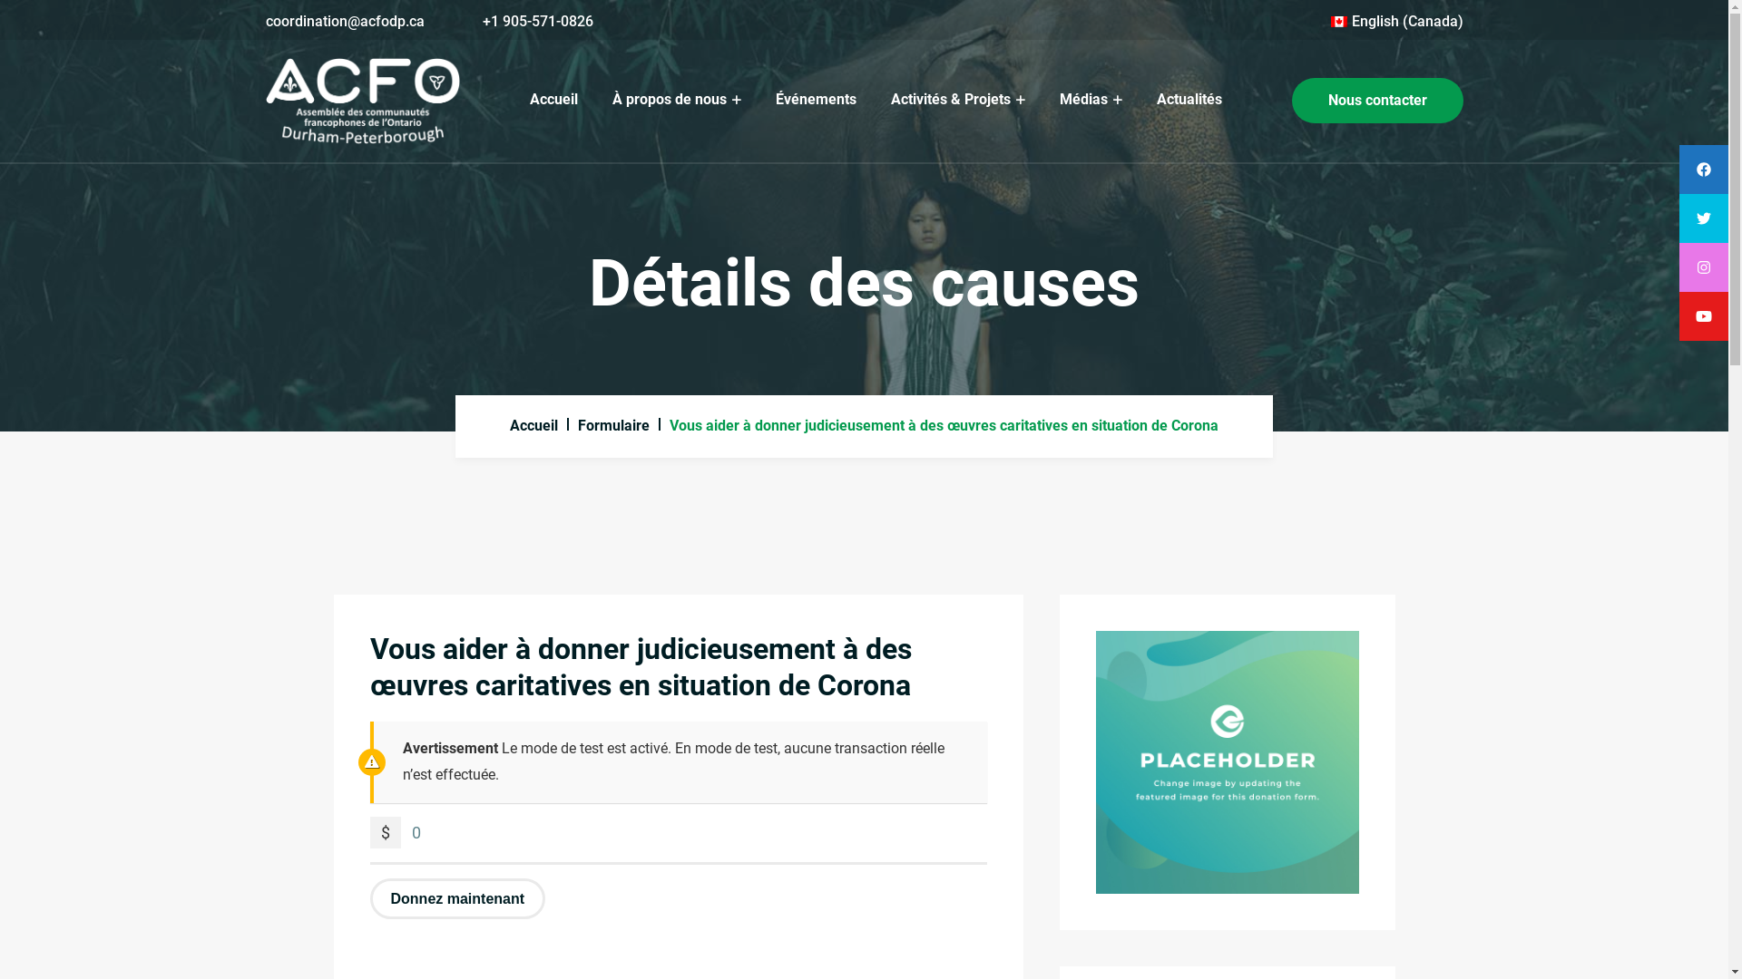 Image resolution: width=1742 pixels, height=979 pixels. Describe the element at coordinates (361, 101) in the screenshot. I see `'ACFODP'` at that location.